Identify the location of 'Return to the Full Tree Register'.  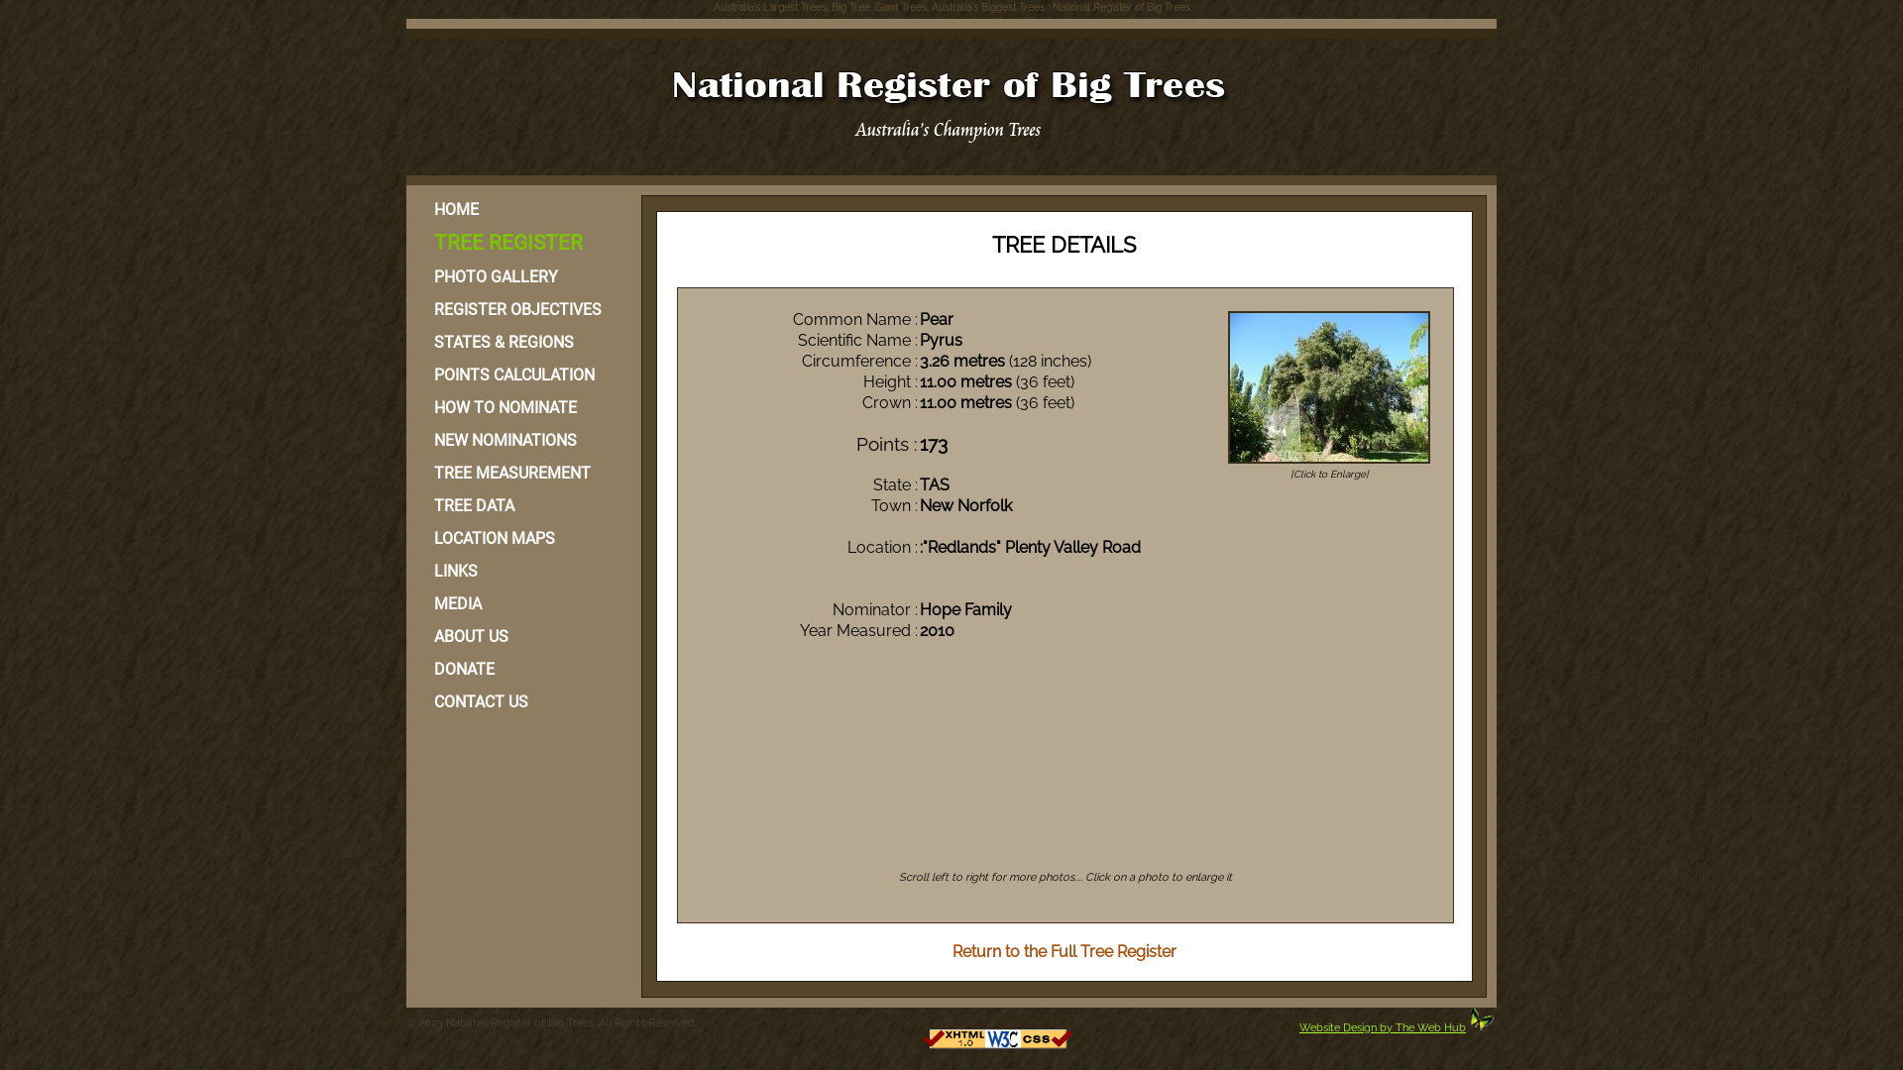
(951, 950).